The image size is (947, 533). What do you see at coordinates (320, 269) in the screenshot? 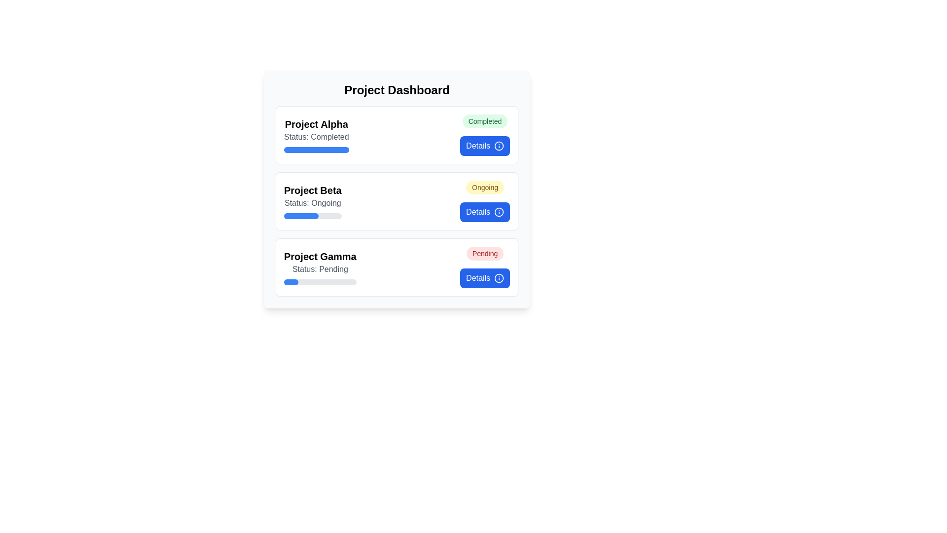
I see `the 'Pending' status text label located below the title 'Project Gamma' within the project information card` at bounding box center [320, 269].